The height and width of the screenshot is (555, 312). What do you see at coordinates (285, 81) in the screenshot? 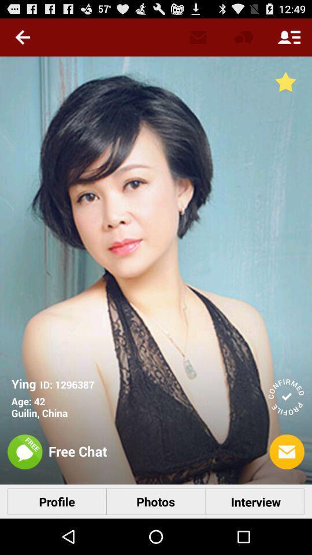
I see `the star icon on the top right corner` at bounding box center [285, 81].